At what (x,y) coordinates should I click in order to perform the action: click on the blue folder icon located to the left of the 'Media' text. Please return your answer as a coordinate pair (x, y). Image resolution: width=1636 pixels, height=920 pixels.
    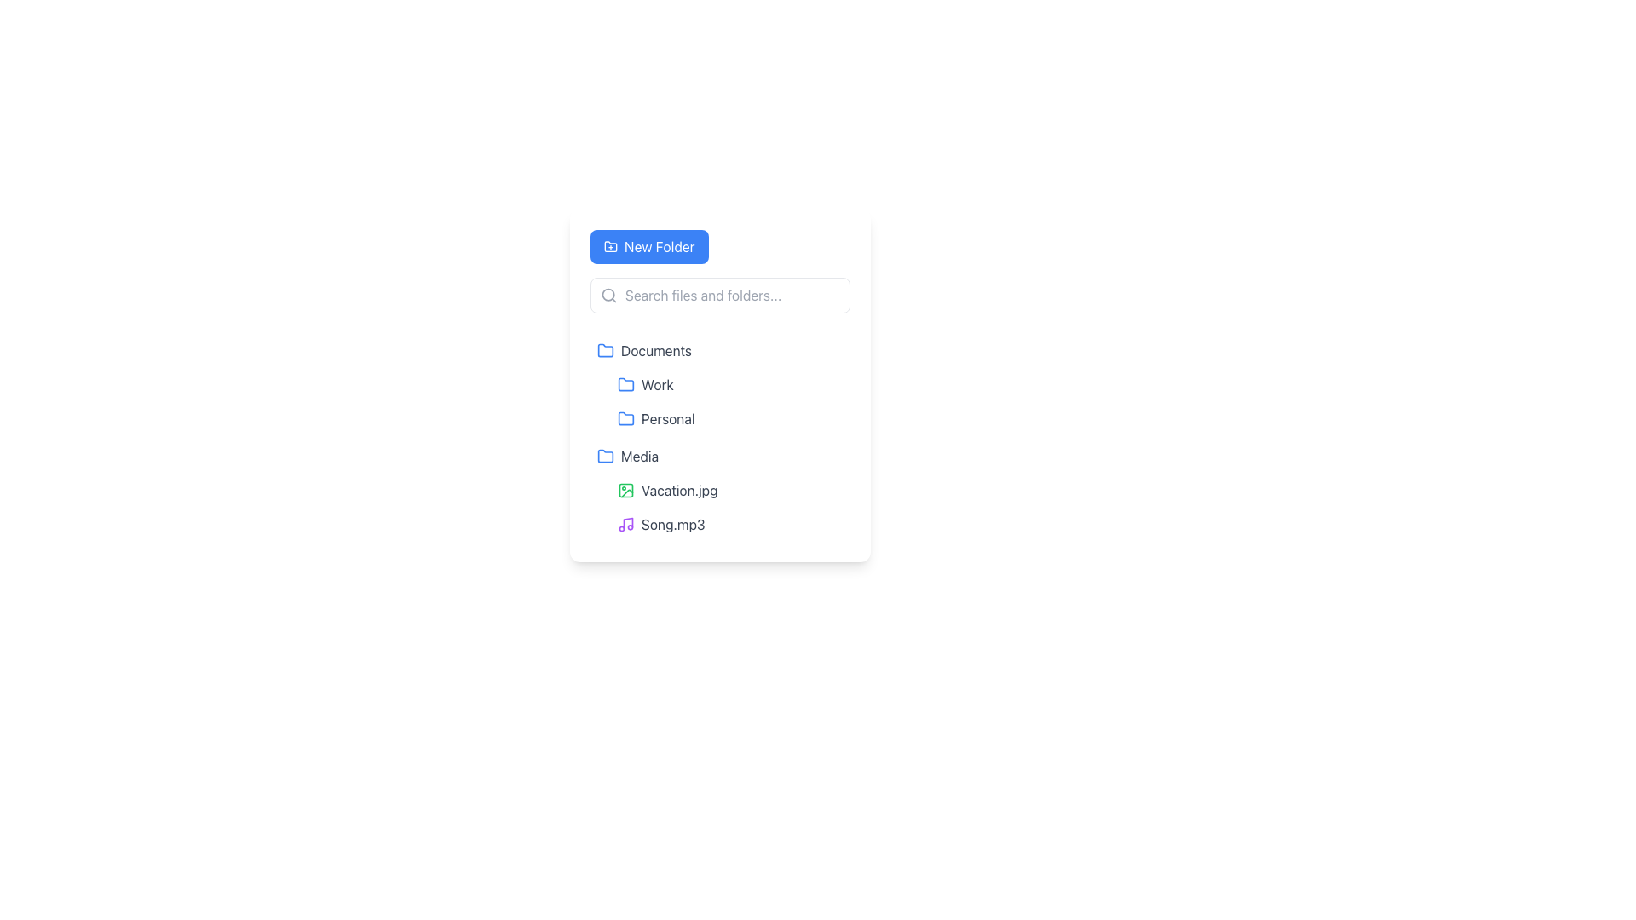
    Looking at the image, I should click on (605, 456).